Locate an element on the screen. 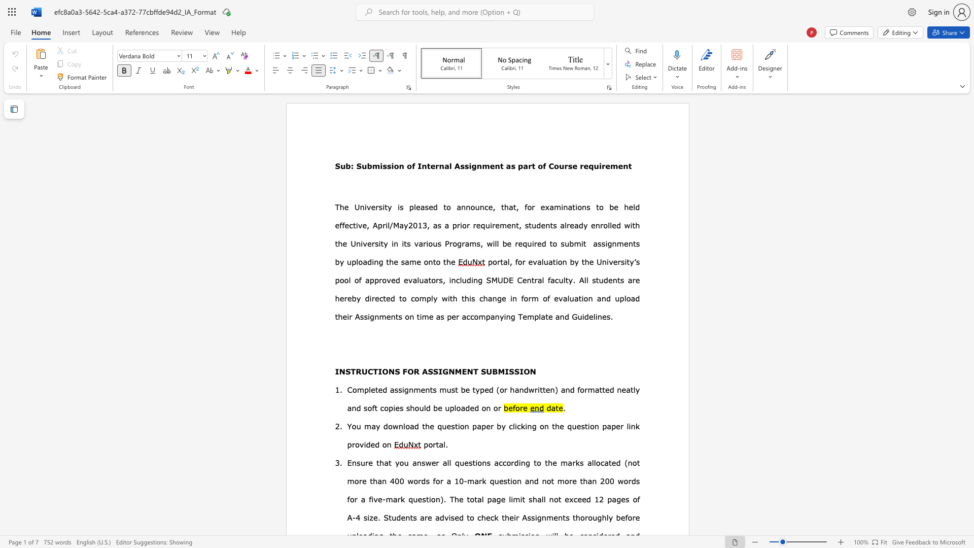  the subset text "s," within the text "already enrolled with the University in its various Programs," is located at coordinates (476, 243).